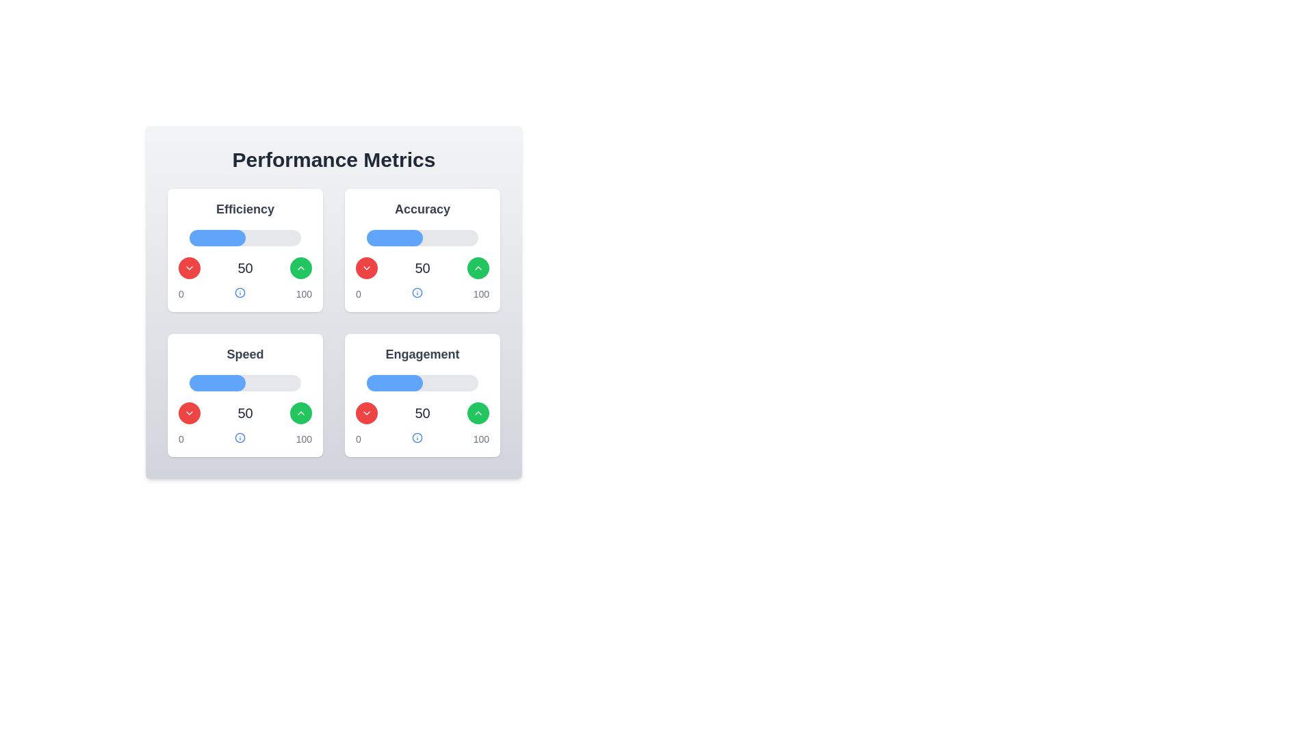  Describe the element at coordinates (300, 268) in the screenshot. I see `the Icon button in the 'Accuracy' section of the 'Performance Metrics' grid to increase the accuracy value` at that location.